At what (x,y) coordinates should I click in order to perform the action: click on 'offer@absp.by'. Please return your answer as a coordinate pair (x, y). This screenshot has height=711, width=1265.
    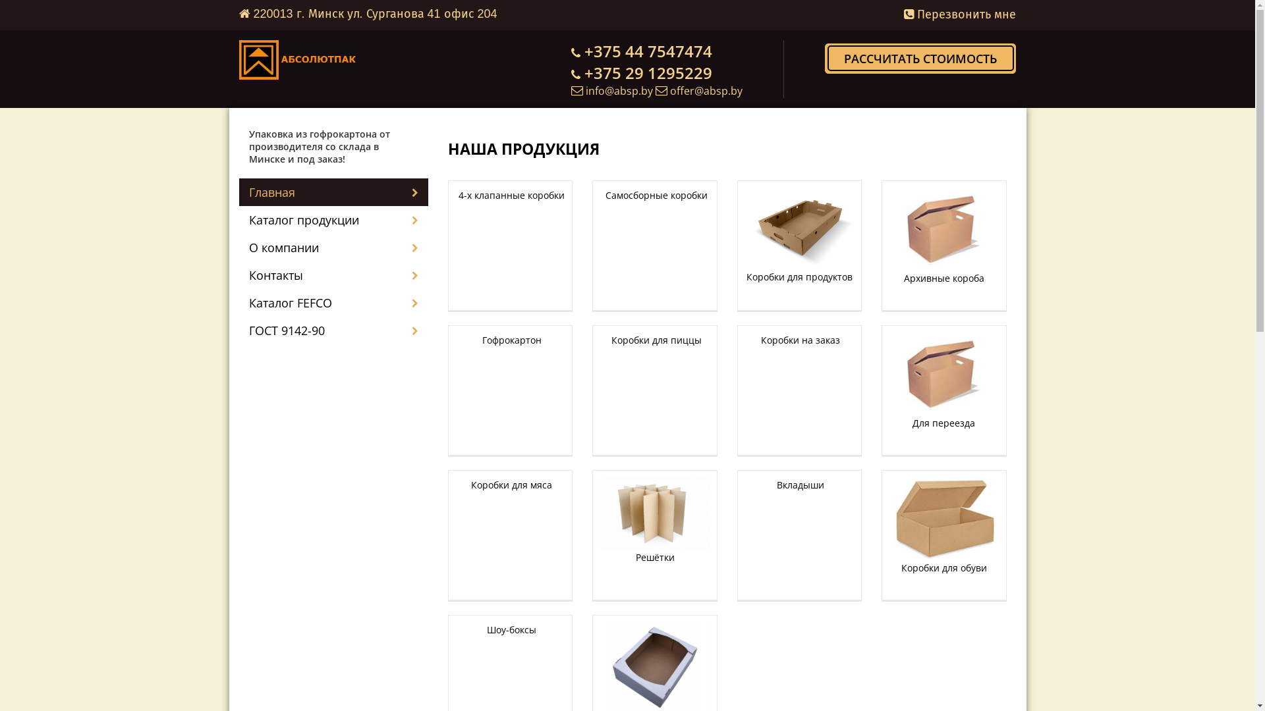
    Looking at the image, I should click on (705, 90).